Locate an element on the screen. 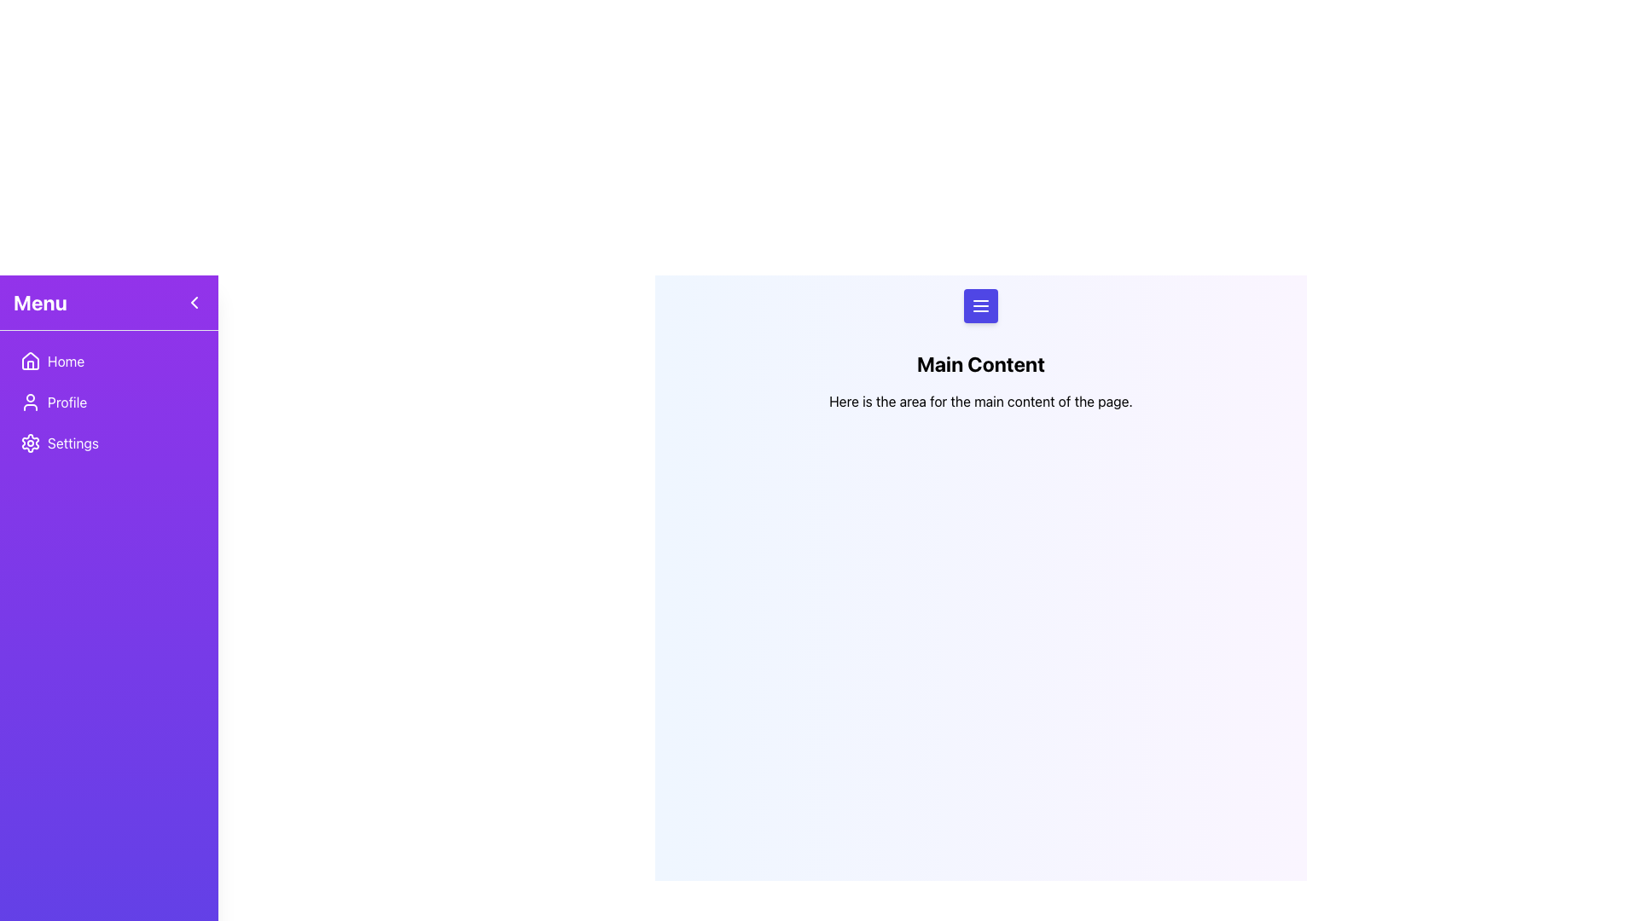 This screenshot has height=921, width=1638. the 'Main Content' heading text, which is displayed in bold and large font, located at the top center of the content area is located at coordinates (981, 363).